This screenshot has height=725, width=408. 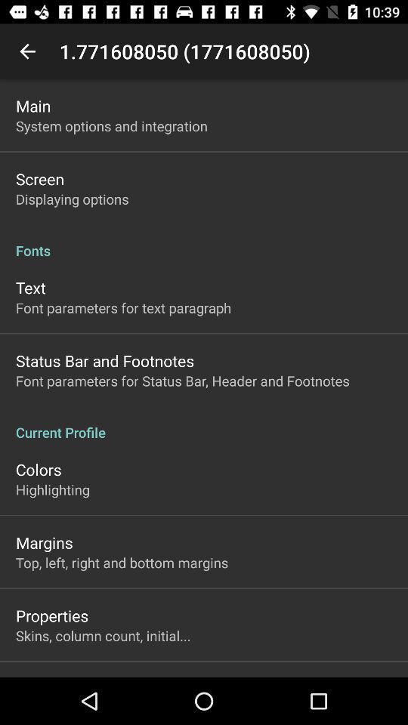 I want to click on screen app, so click(x=40, y=179).